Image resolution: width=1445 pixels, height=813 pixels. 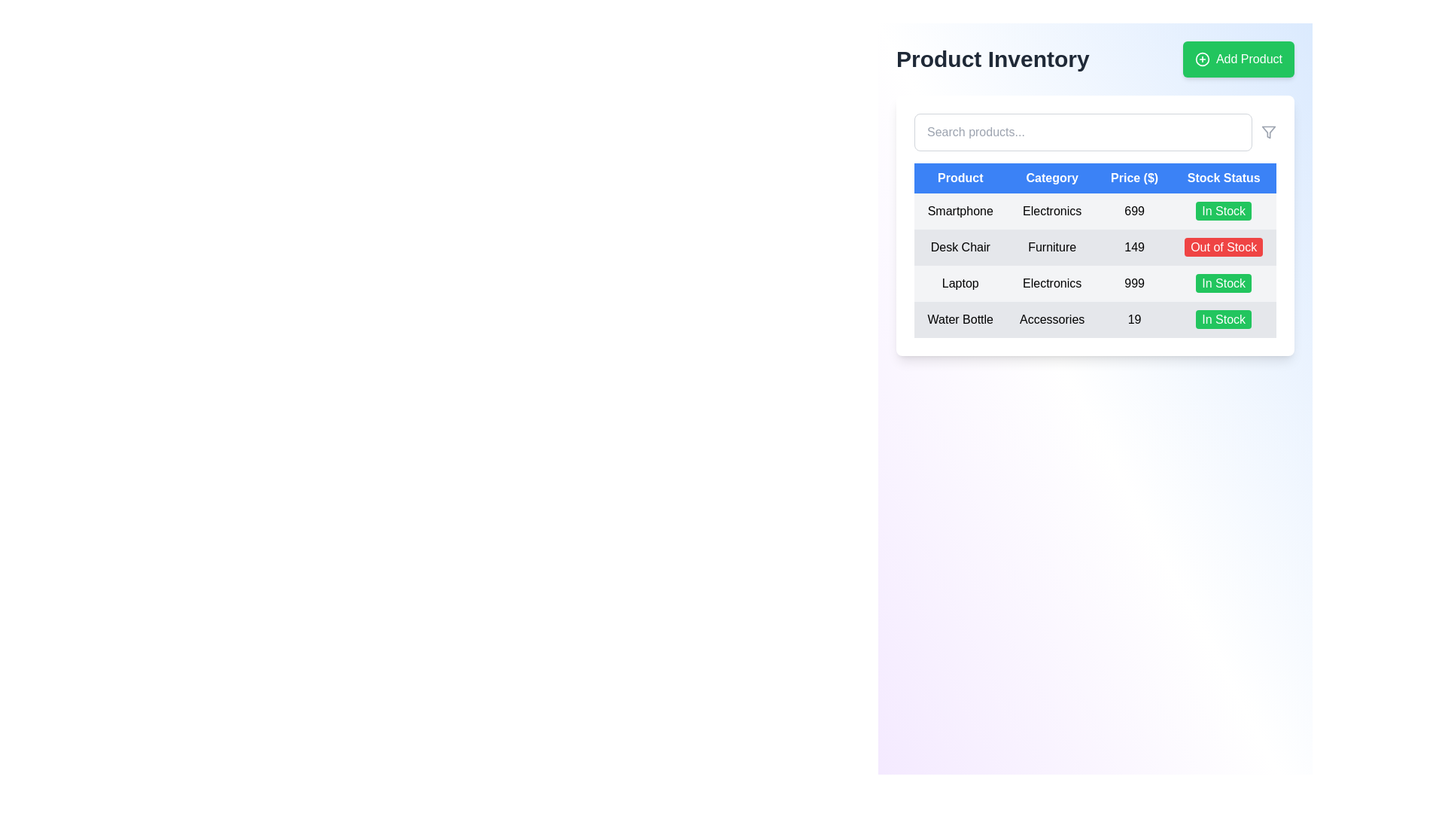 What do you see at coordinates (1134, 284) in the screenshot?
I see `the static data cell displaying the price of the product 'Laptop' located in the third row of the table under the 'Price ($)' column` at bounding box center [1134, 284].